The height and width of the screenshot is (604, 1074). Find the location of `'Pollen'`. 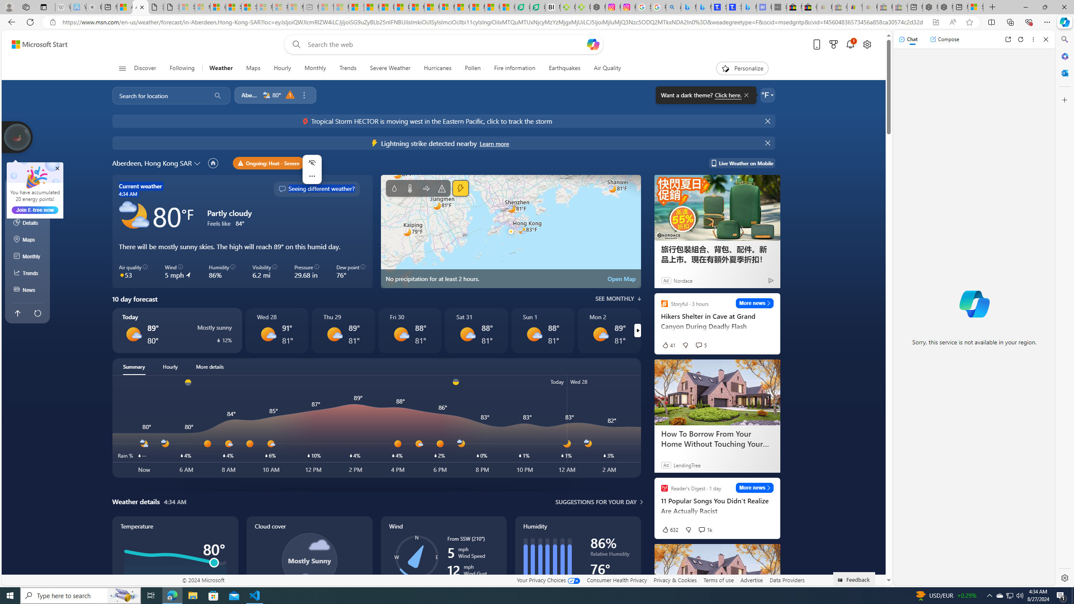

'Pollen' is located at coordinates (472, 68).